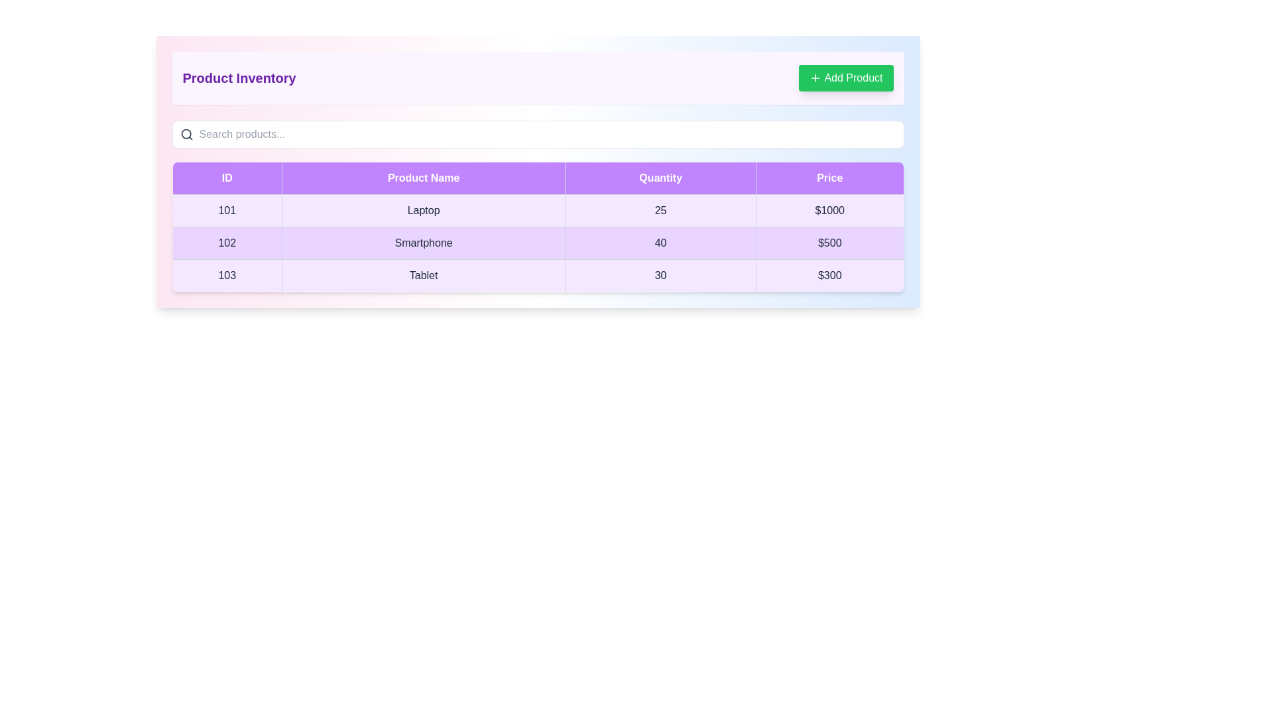  I want to click on the Text label displaying 'Smartphone', which has a light purple background and gray borders, located in row '102' of the table under the 'Product Name' column, so click(423, 243).